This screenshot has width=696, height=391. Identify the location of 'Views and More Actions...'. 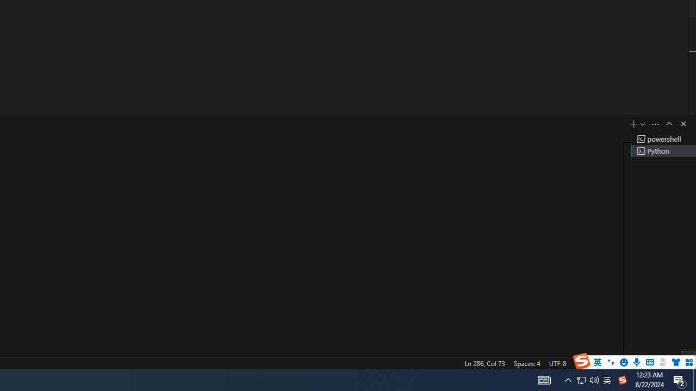
(655, 123).